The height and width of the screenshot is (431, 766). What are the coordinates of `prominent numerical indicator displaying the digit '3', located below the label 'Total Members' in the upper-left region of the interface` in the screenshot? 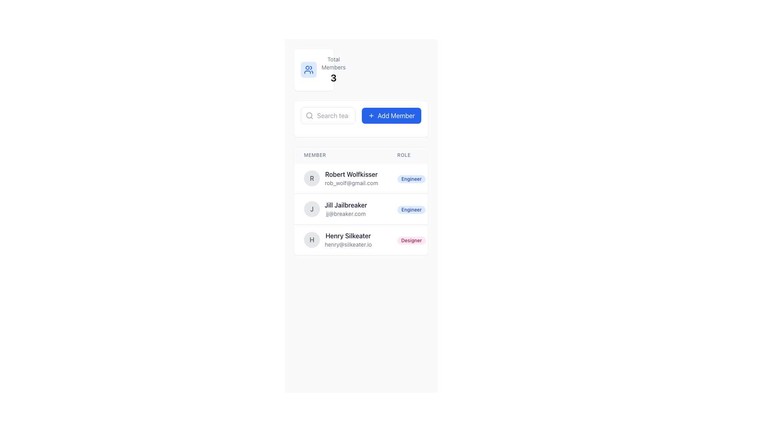 It's located at (334, 78).